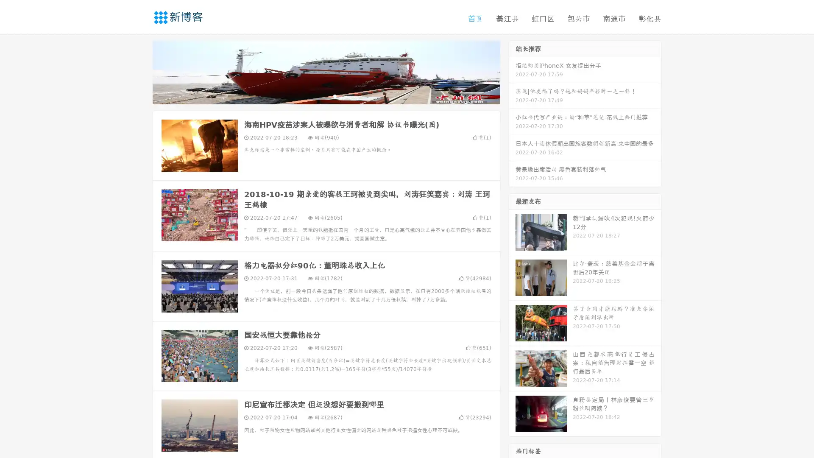 The width and height of the screenshot is (814, 458). What do you see at coordinates (140, 71) in the screenshot?
I see `Previous slide` at bounding box center [140, 71].